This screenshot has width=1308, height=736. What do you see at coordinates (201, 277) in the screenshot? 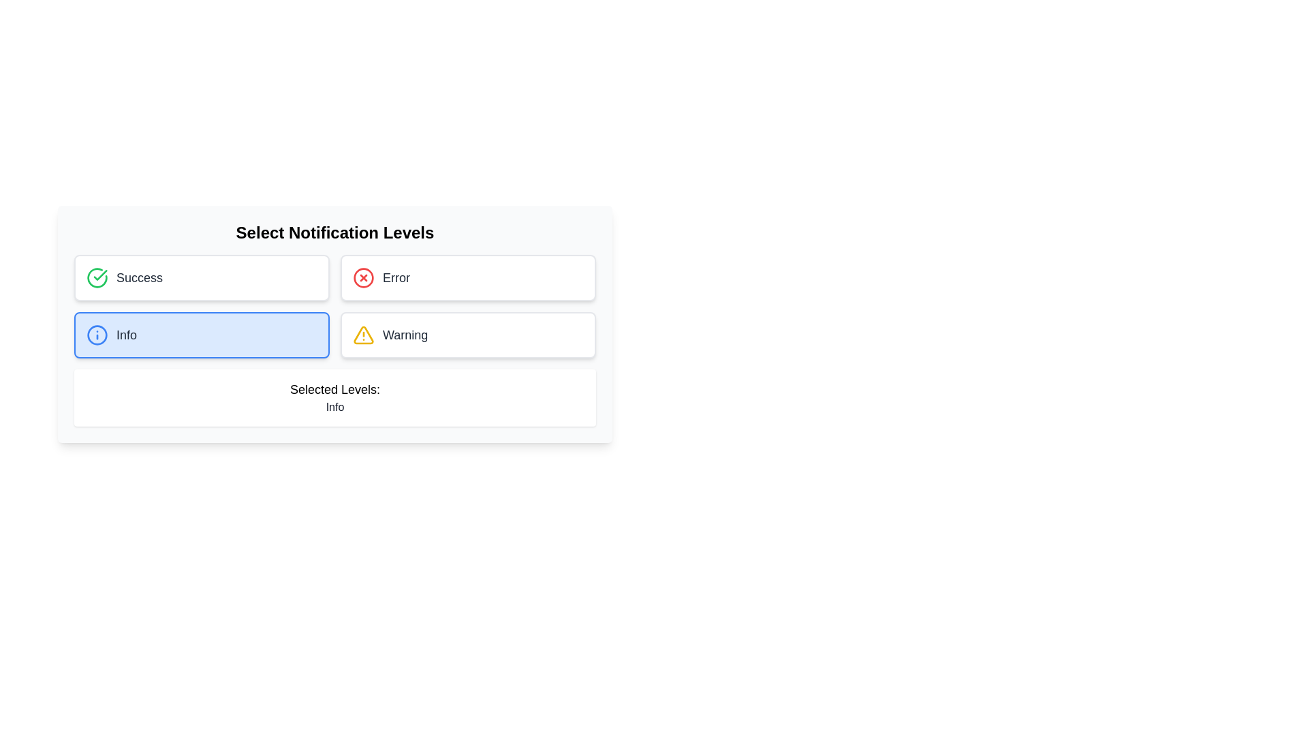
I see `the Success notification button` at bounding box center [201, 277].